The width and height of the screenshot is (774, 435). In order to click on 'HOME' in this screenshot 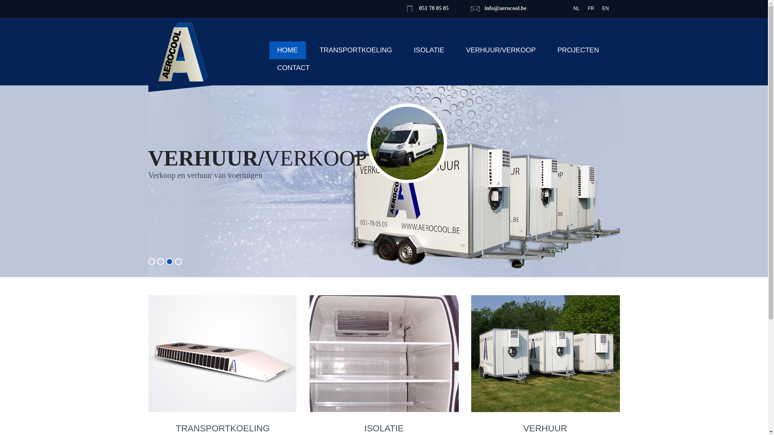, I will do `click(287, 50)`.